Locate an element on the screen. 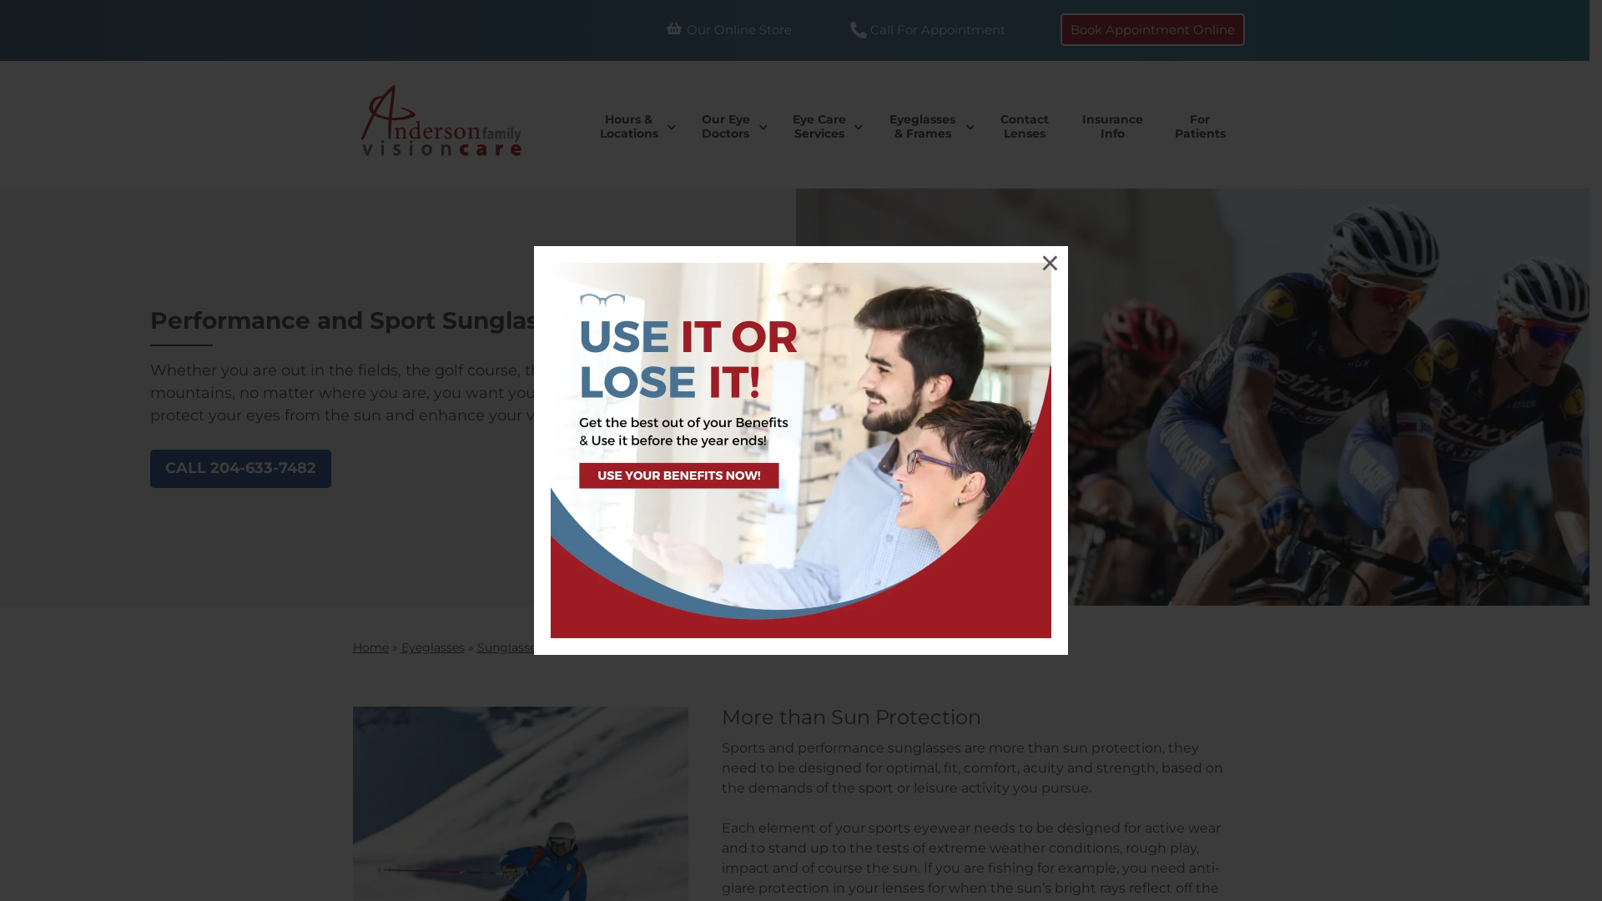 The image size is (1602, 901). 'Book Appointment Online' is located at coordinates (1151, 29).